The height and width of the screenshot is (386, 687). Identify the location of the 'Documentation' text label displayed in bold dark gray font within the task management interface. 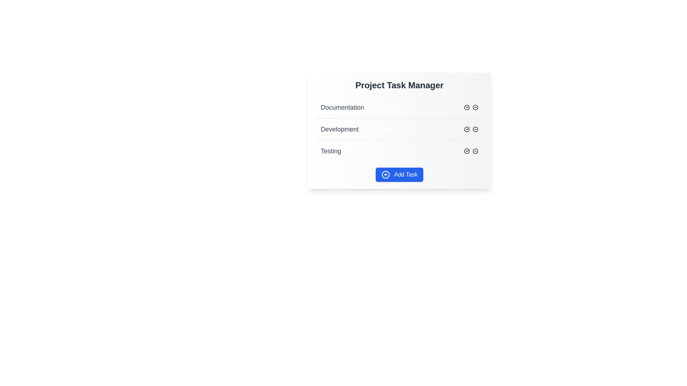
(342, 107).